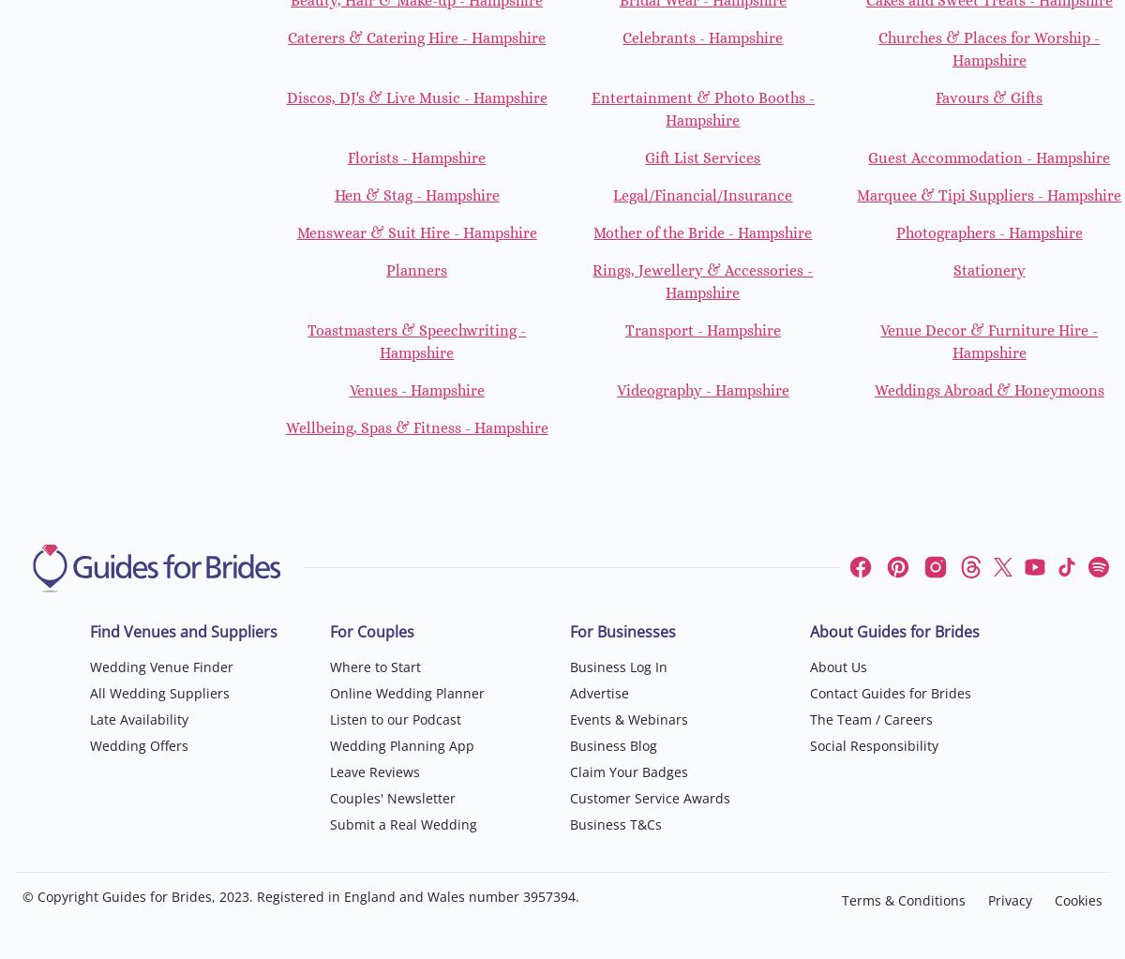  Describe the element at coordinates (650, 796) in the screenshot. I see `'Customer Service Awards'` at that location.